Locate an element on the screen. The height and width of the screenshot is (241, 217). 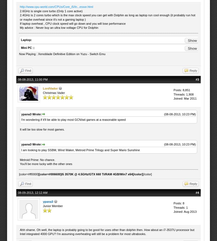
'Posts: 8,851' is located at coordinates (181, 90).